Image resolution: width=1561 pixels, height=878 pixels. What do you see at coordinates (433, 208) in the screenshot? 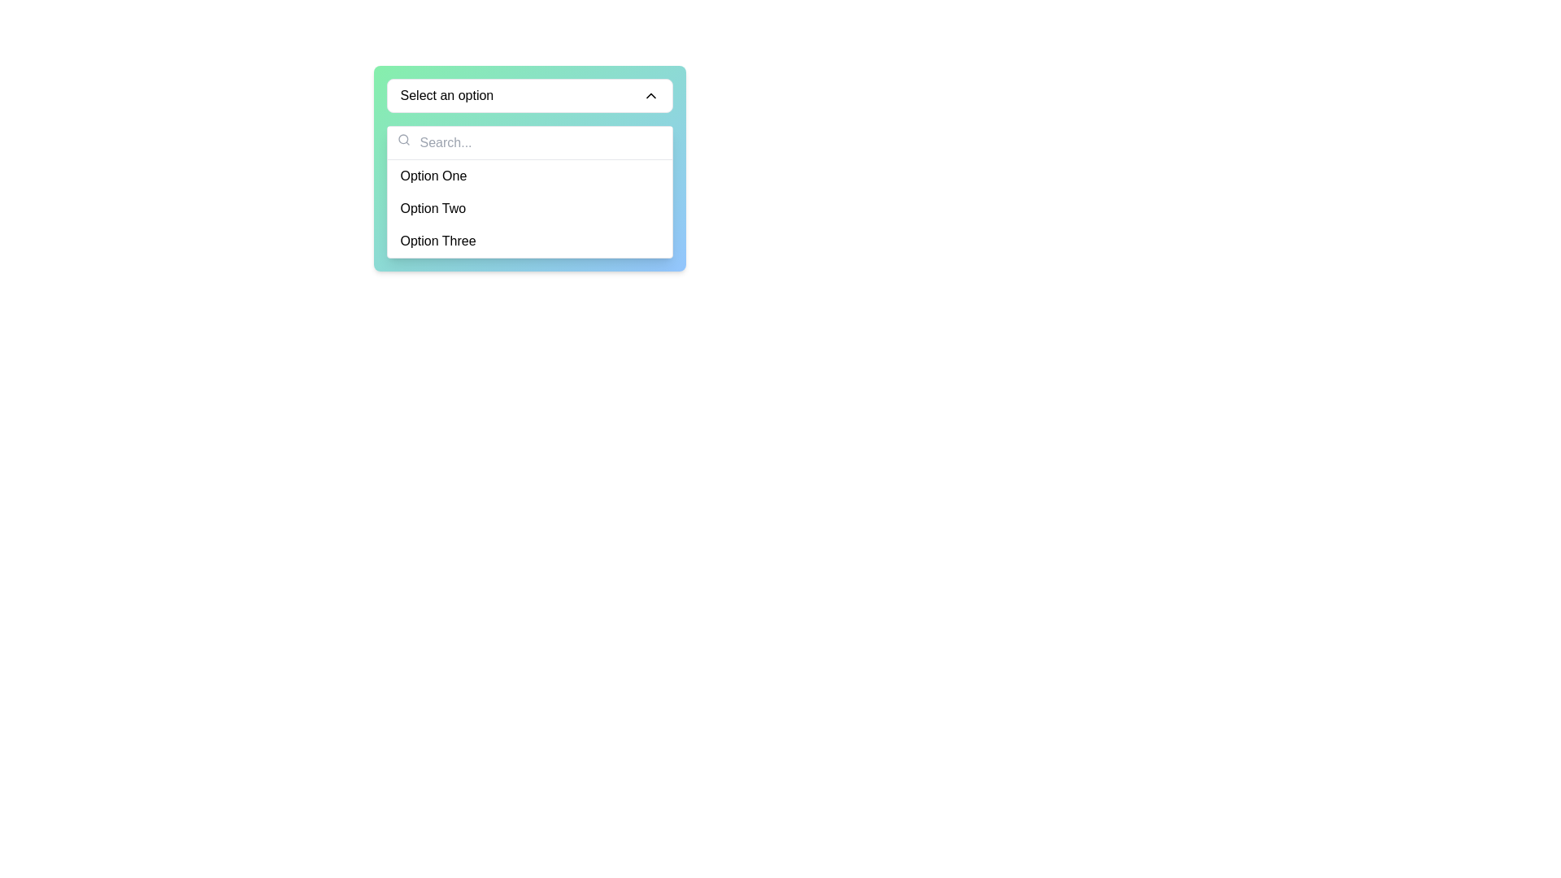
I see `the second item in the dropdown menu` at bounding box center [433, 208].